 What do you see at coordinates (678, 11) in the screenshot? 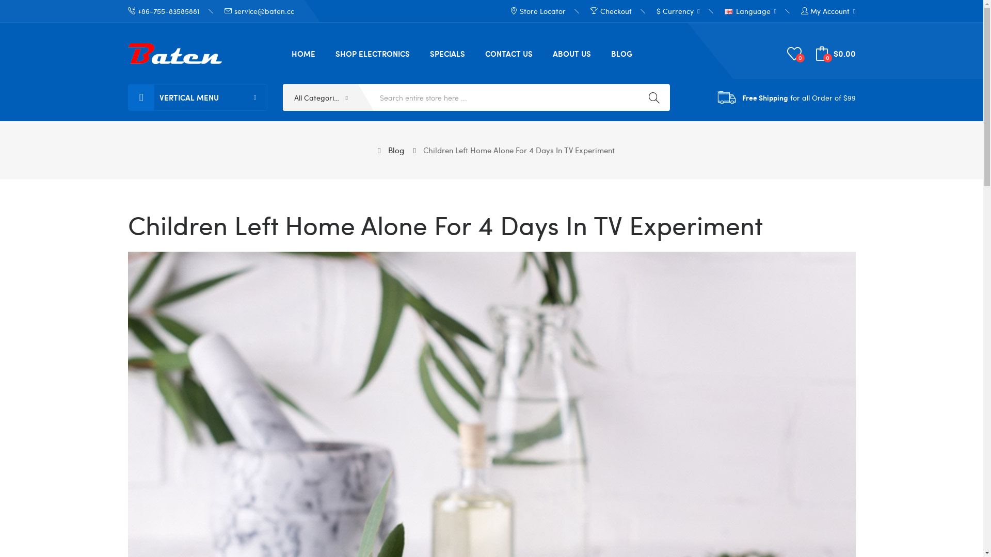
I see `'$ Currency '` at bounding box center [678, 11].